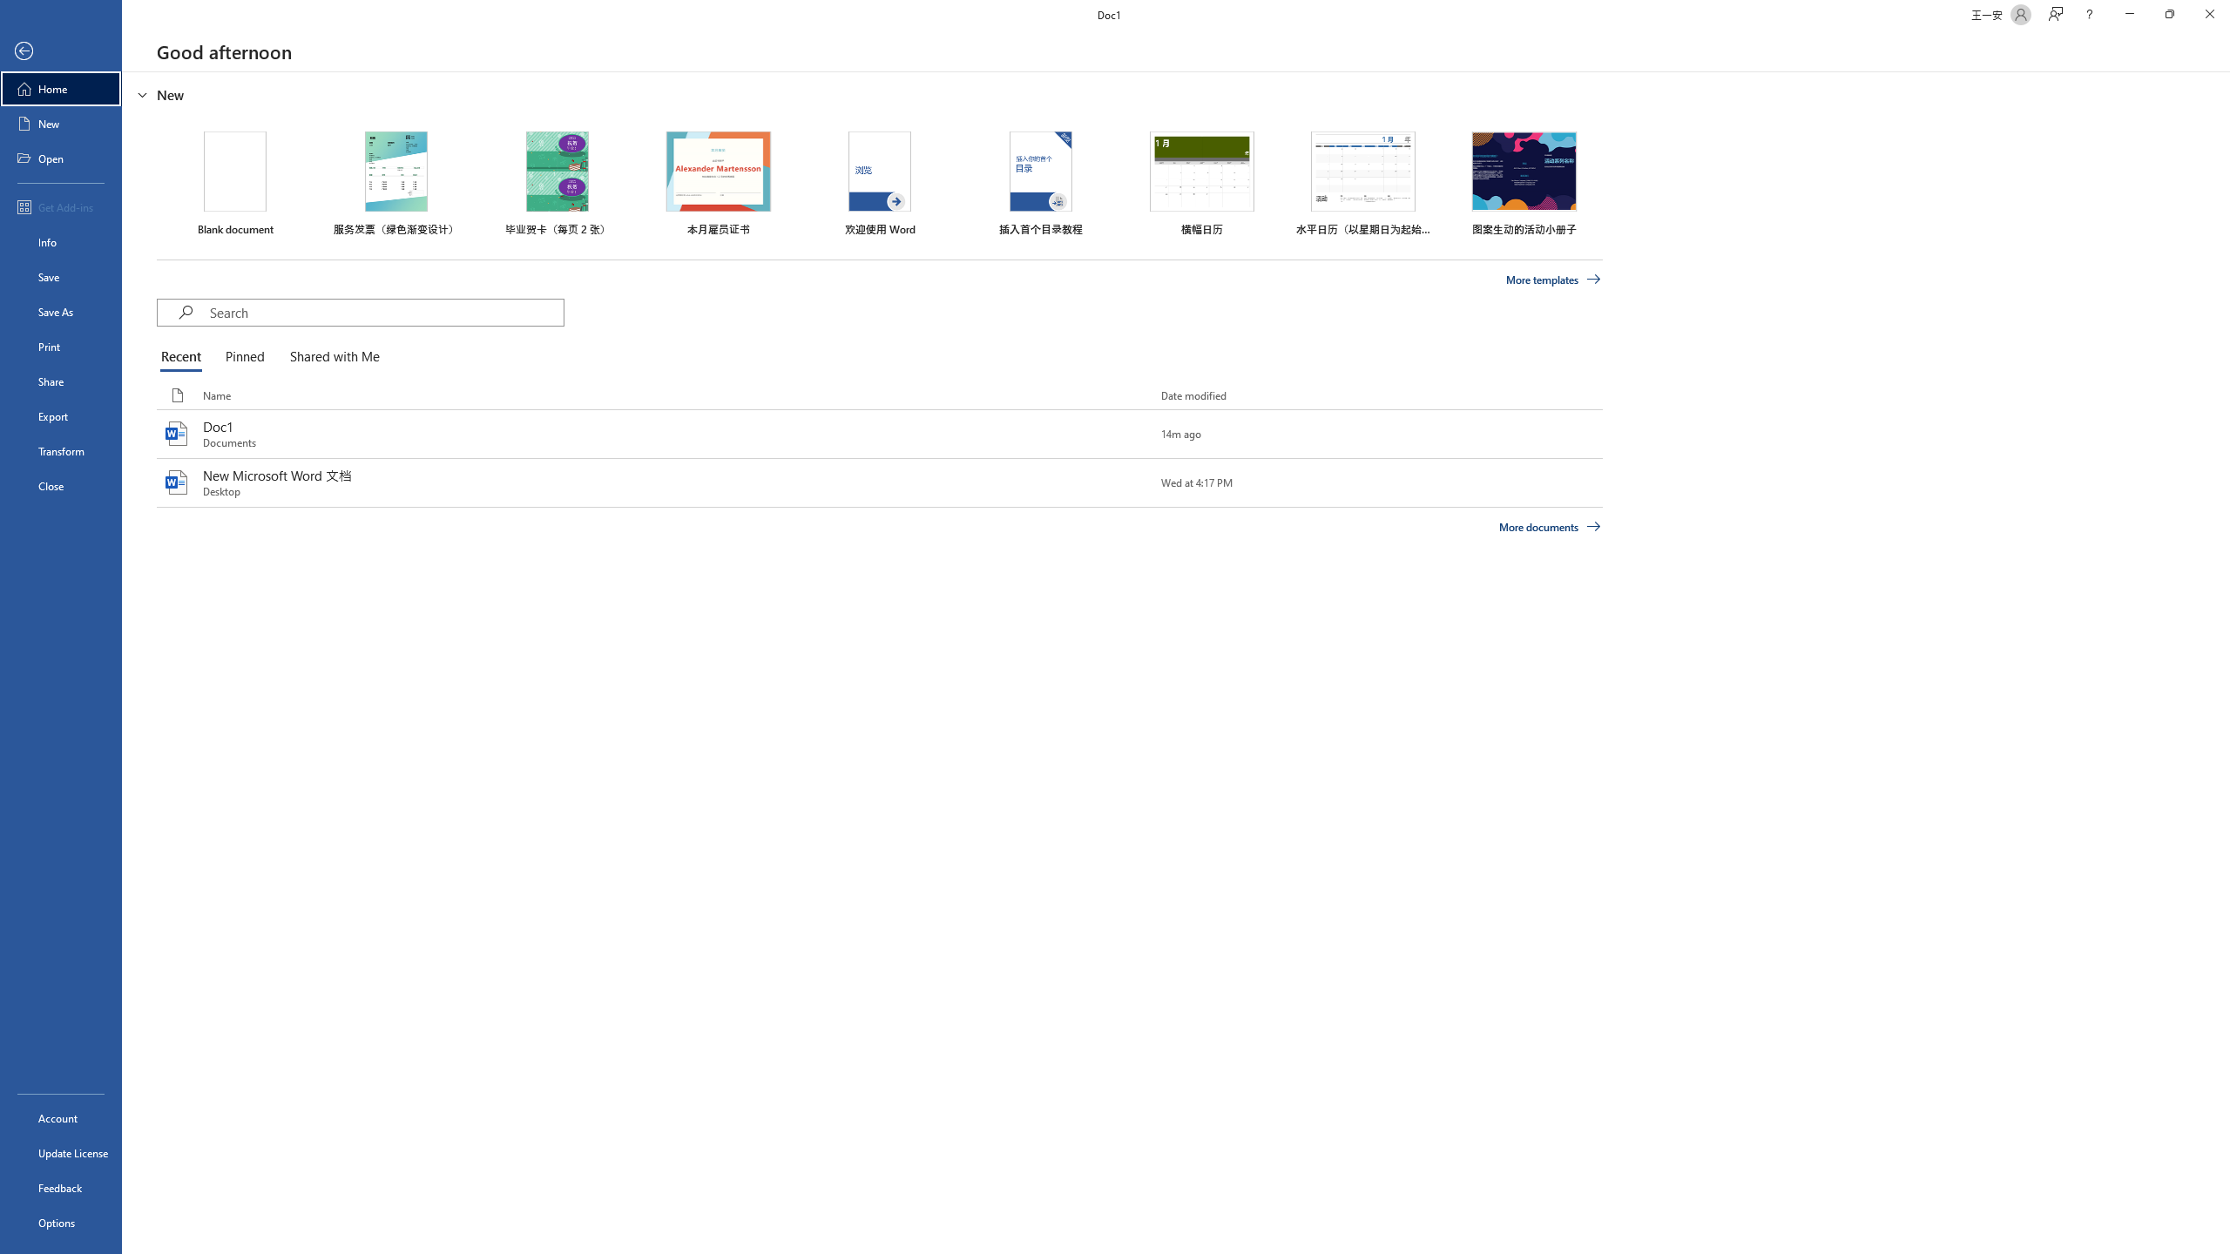  I want to click on 'New', so click(60, 123).